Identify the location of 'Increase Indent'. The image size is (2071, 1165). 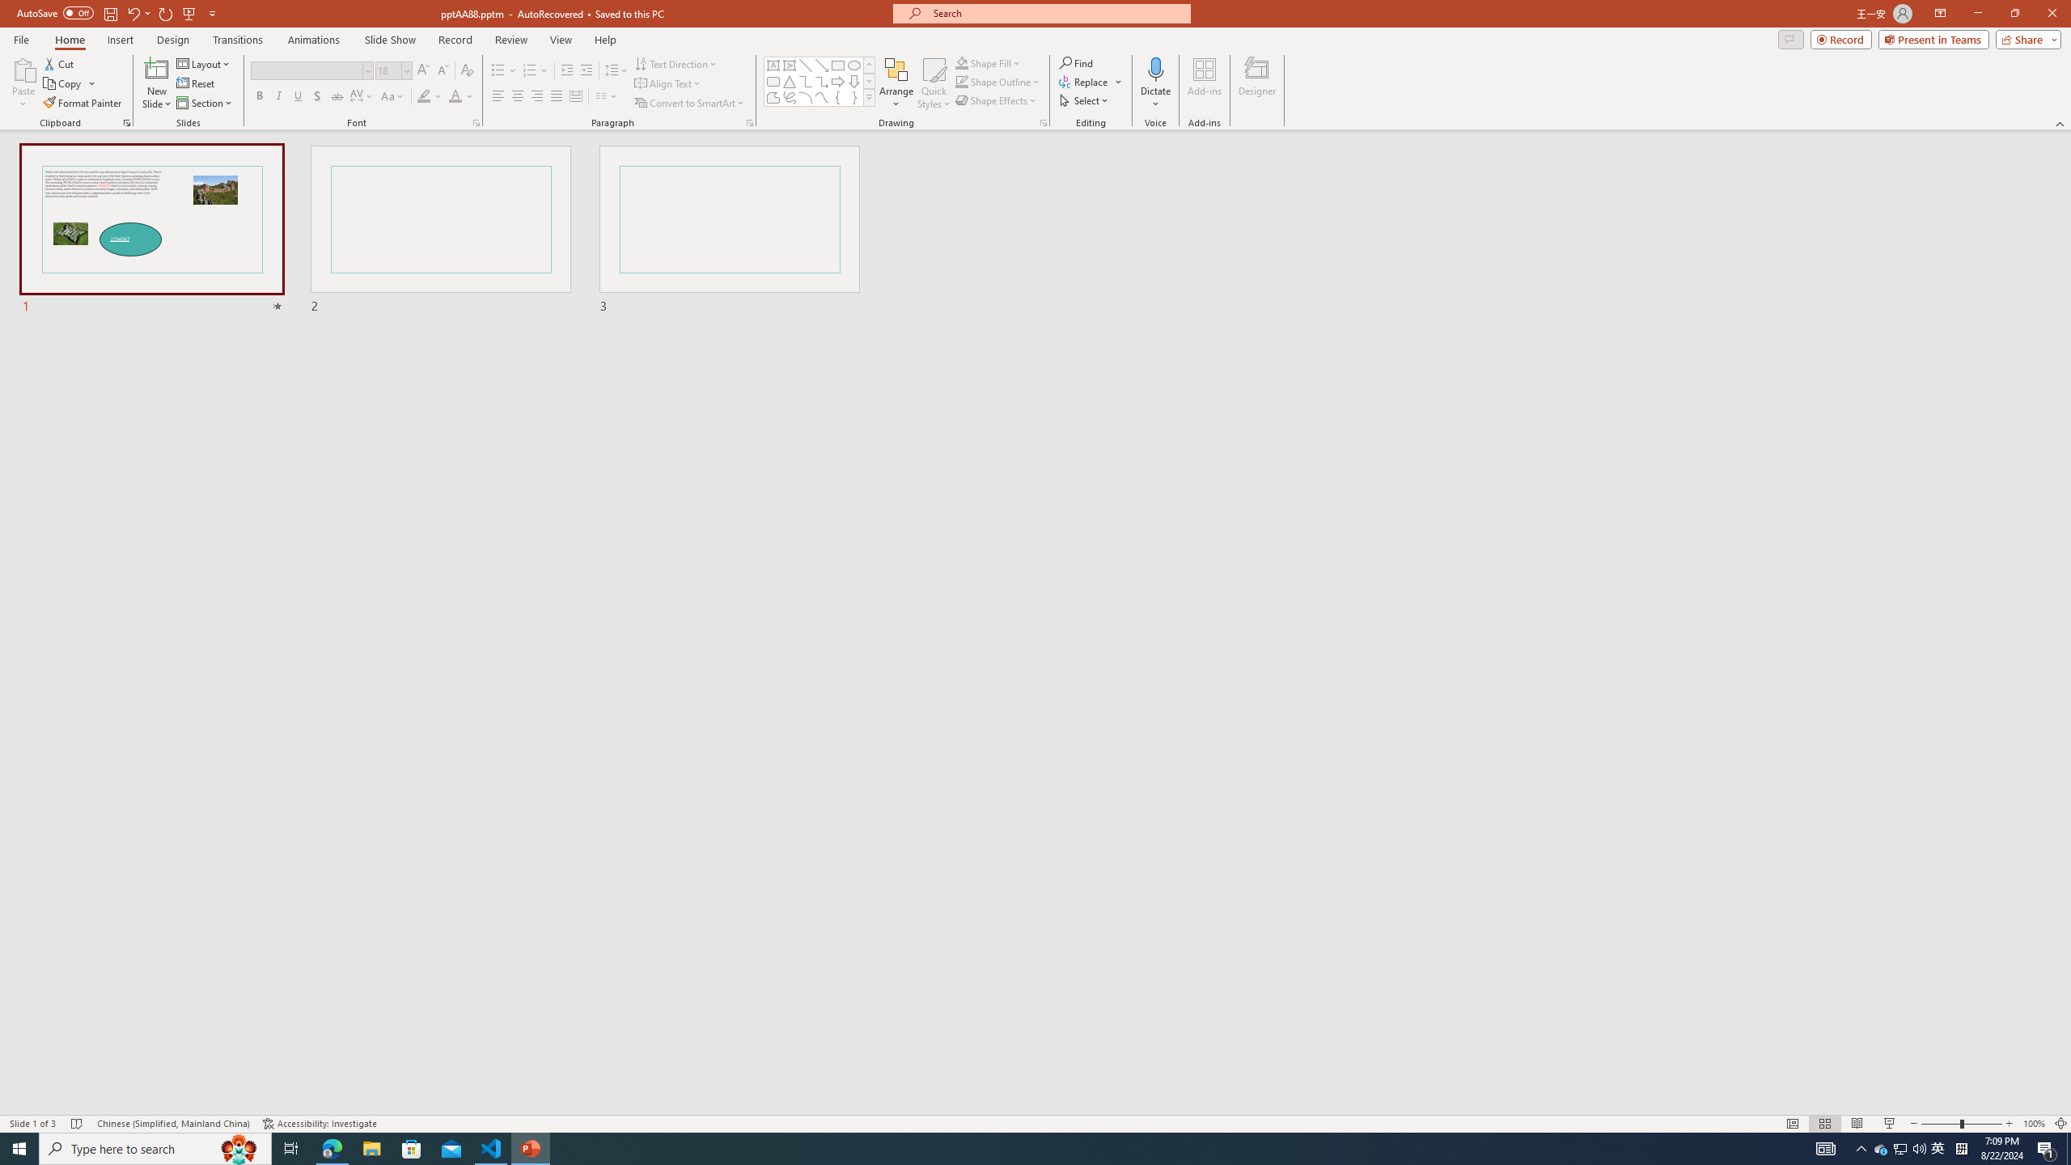
(587, 70).